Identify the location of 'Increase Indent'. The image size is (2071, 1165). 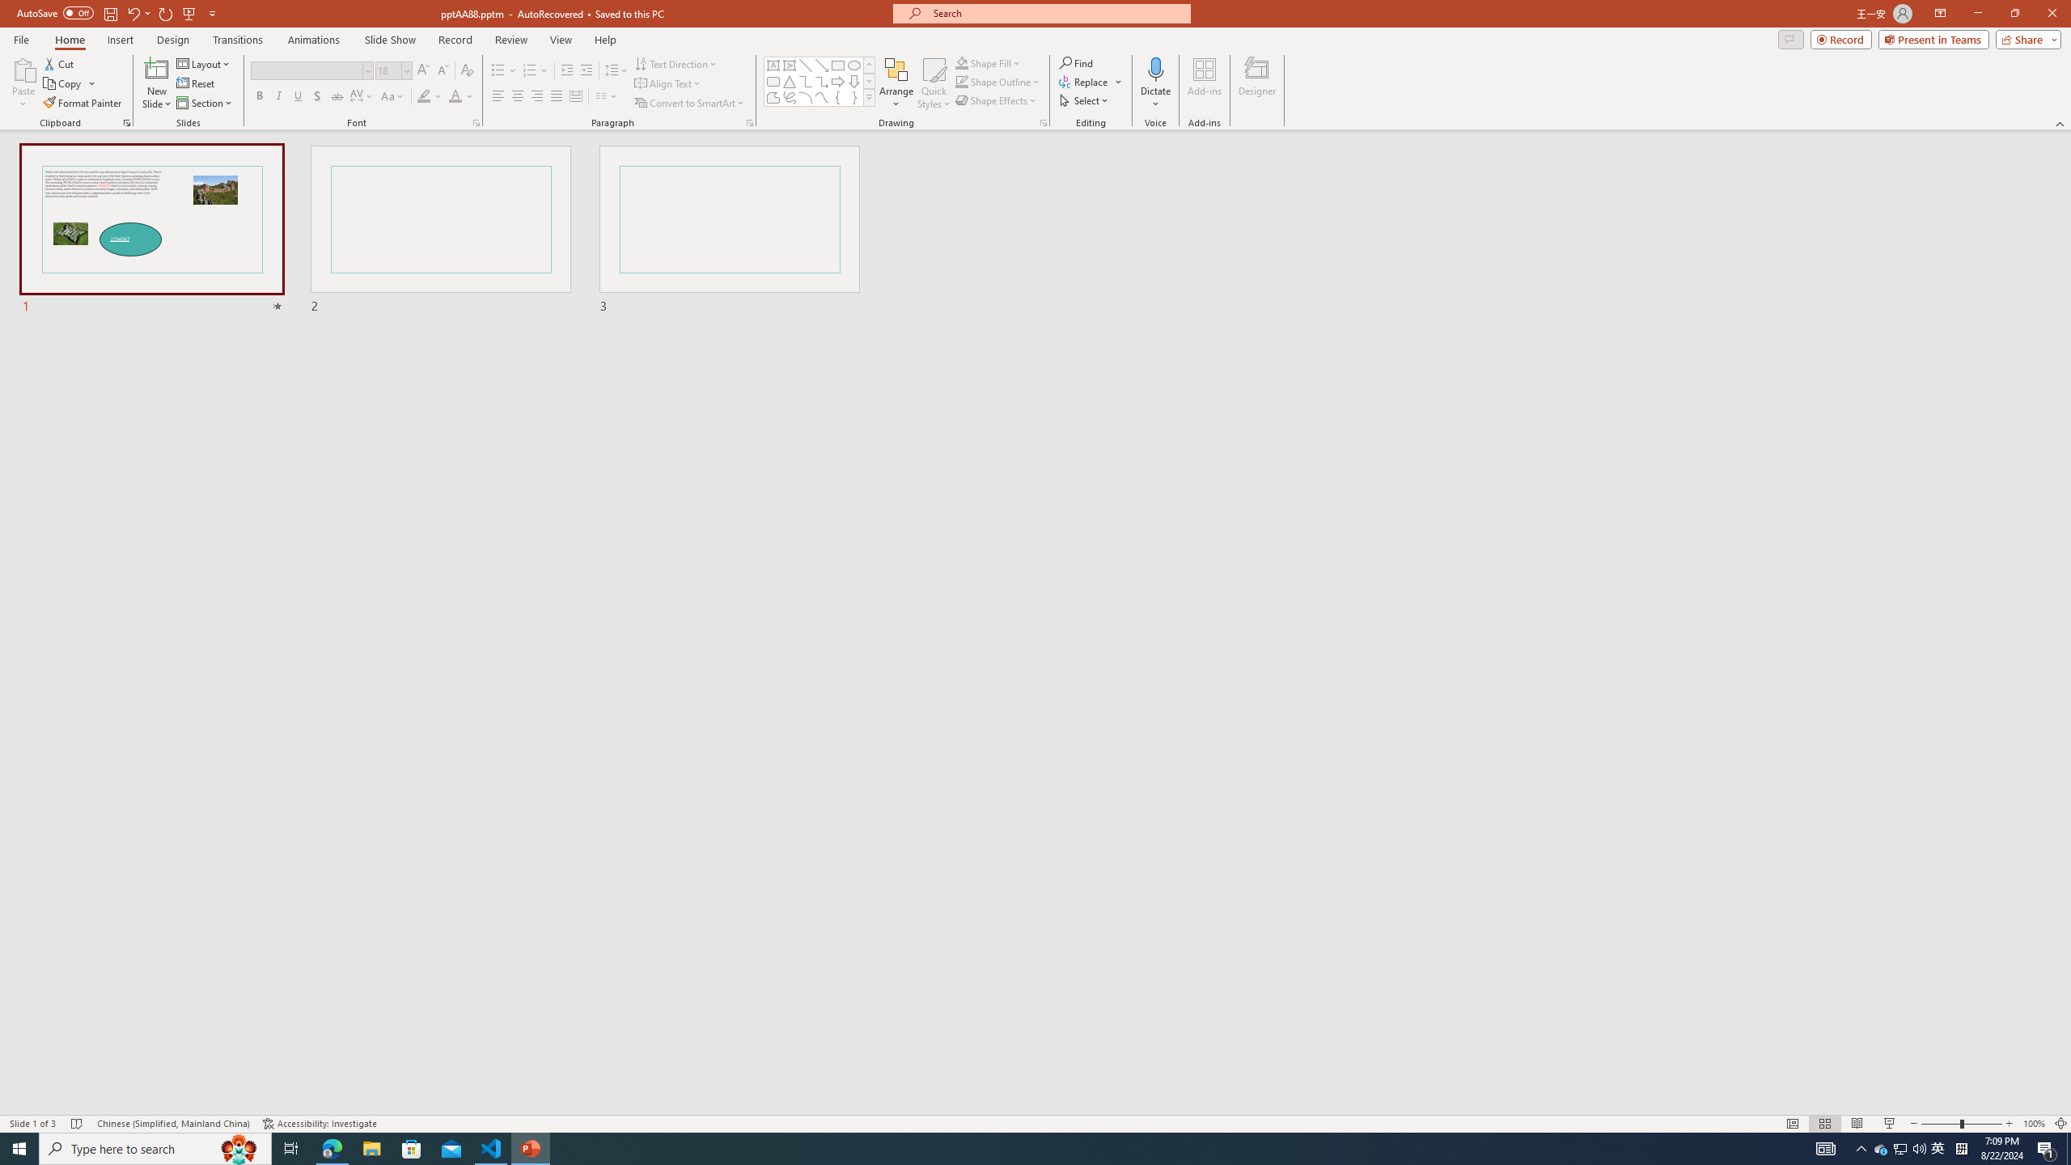
(587, 70).